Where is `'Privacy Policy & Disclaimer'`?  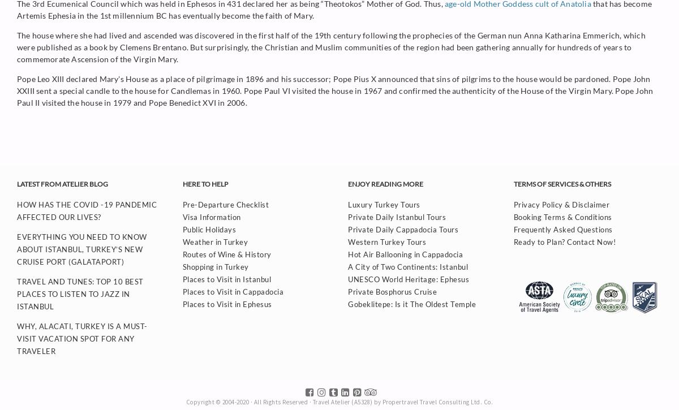 'Privacy Policy & Disclaimer' is located at coordinates (513, 204).